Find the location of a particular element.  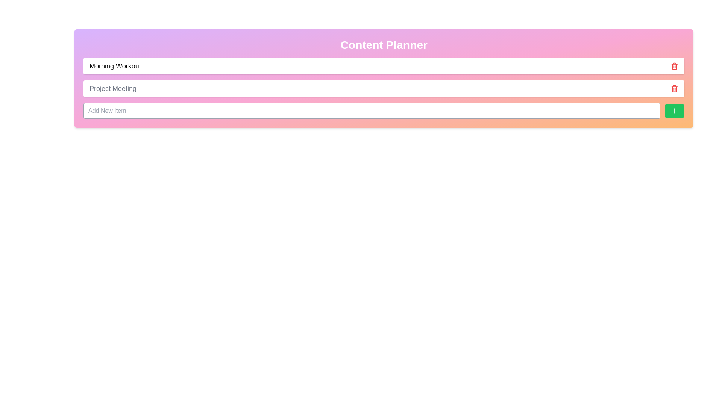

the green circular button with a white plus symbol located at the bottom-right corner of the 'Add New Item' field is located at coordinates (675, 111).